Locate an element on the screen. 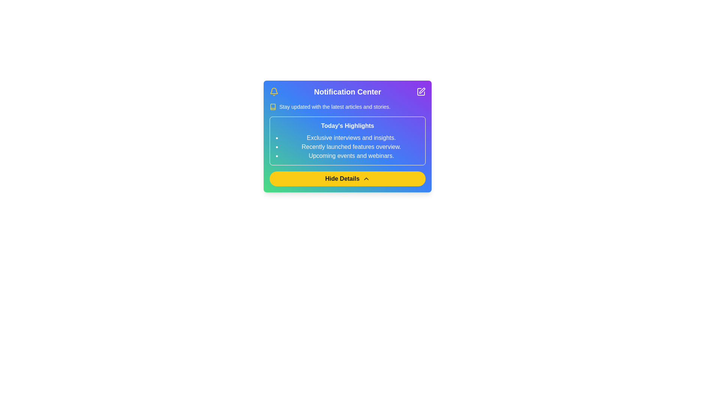  the small pen icon on a rounded purple background located in the top-right corner of the notification card's header to initiate editing is located at coordinates (422, 90).